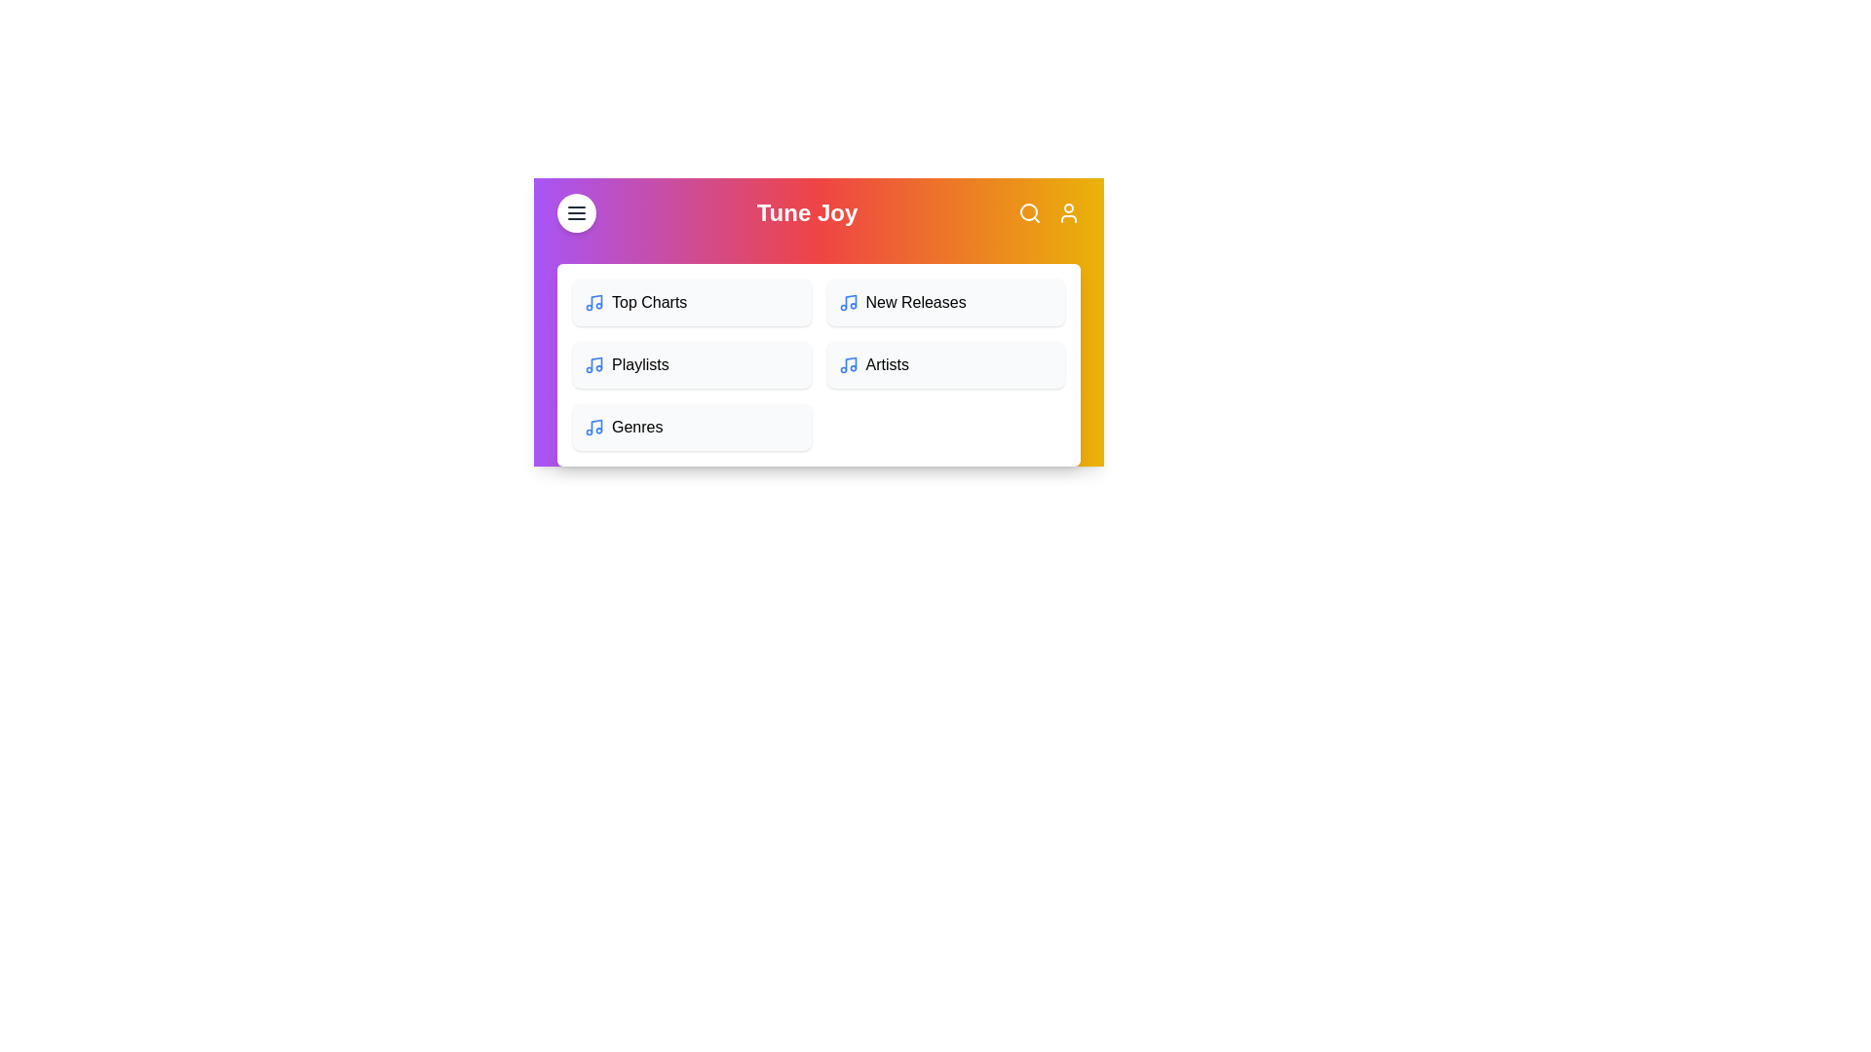 Image resolution: width=1871 pixels, height=1052 pixels. Describe the element at coordinates (1067, 213) in the screenshot. I see `the 'User' icon to access user settings` at that location.